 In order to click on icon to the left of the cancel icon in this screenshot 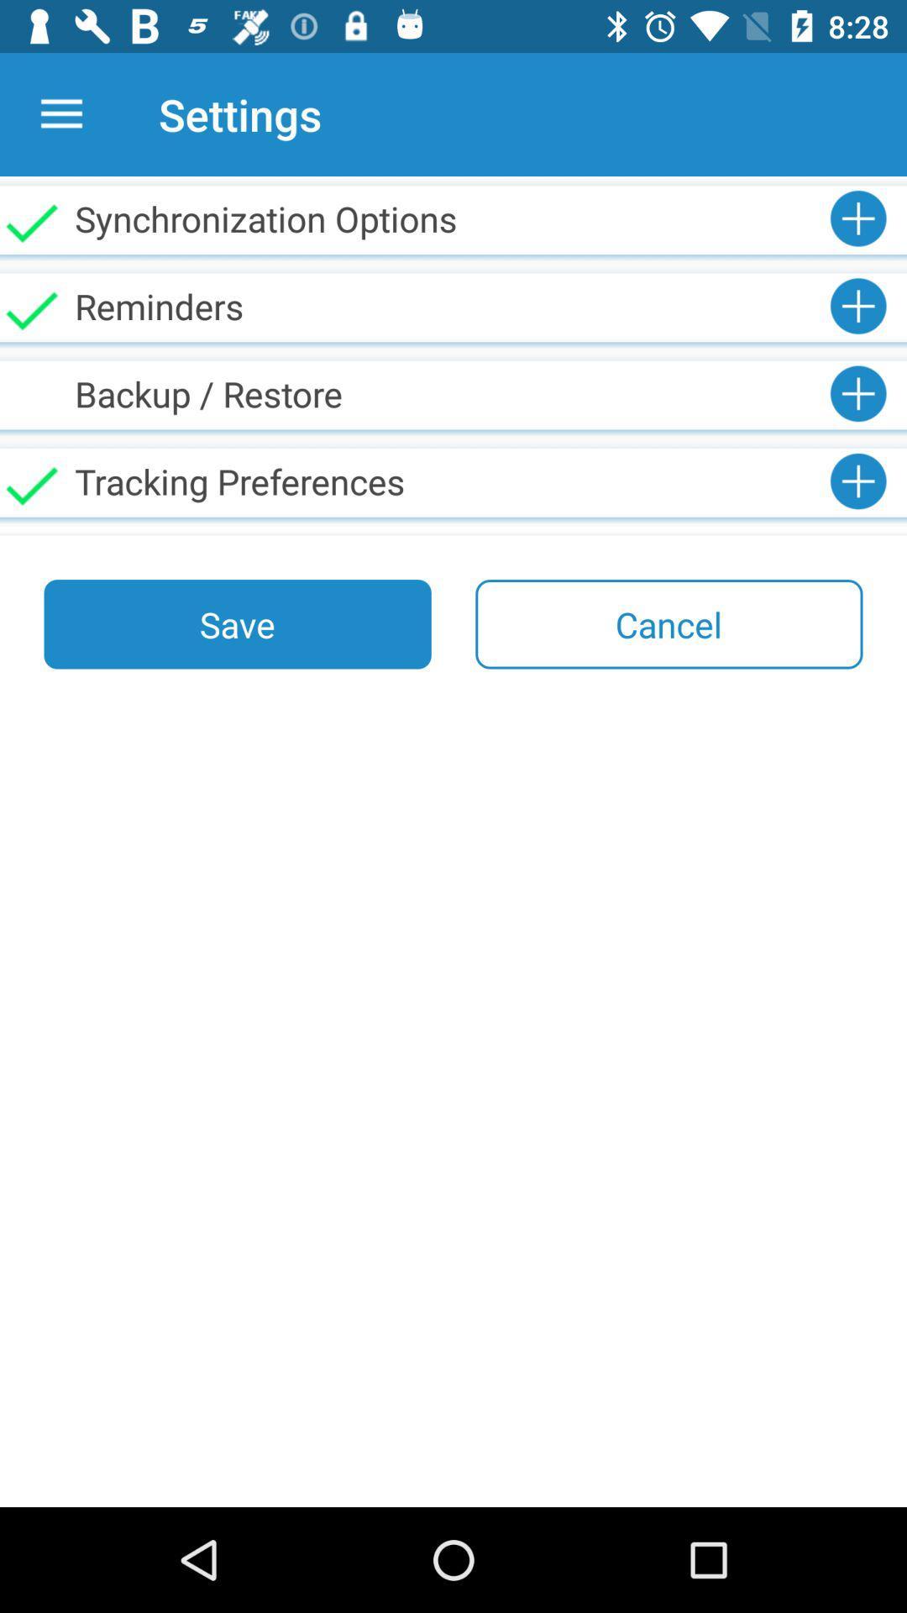, I will do `click(238, 623)`.